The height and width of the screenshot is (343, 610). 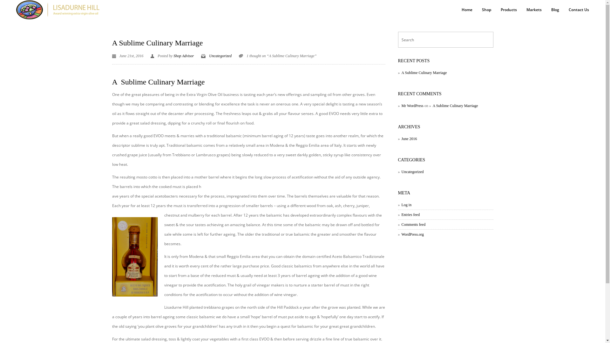 What do you see at coordinates (407, 138) in the screenshot?
I see `'June 2016'` at bounding box center [407, 138].